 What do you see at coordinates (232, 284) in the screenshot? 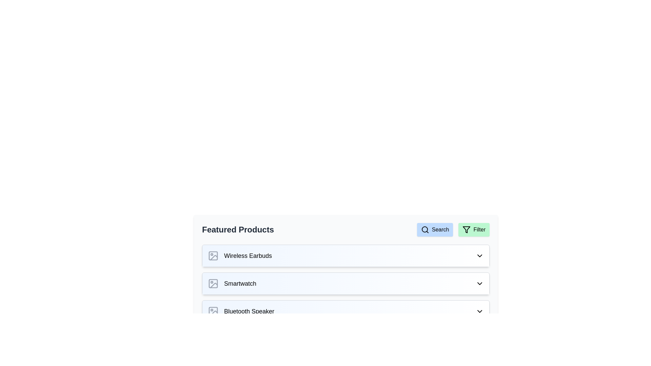
I see `the 'Smartwatch' text label, which is the second entry in the 'Featured Products' section` at bounding box center [232, 284].